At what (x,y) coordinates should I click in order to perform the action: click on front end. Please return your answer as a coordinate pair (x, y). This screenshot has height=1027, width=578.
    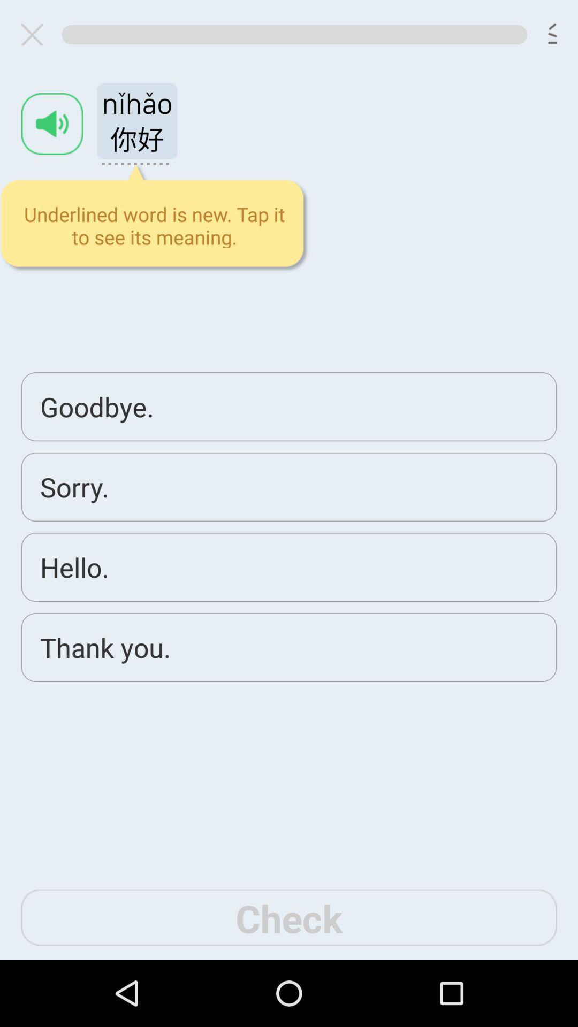
    Looking at the image, I should click on (289, 478).